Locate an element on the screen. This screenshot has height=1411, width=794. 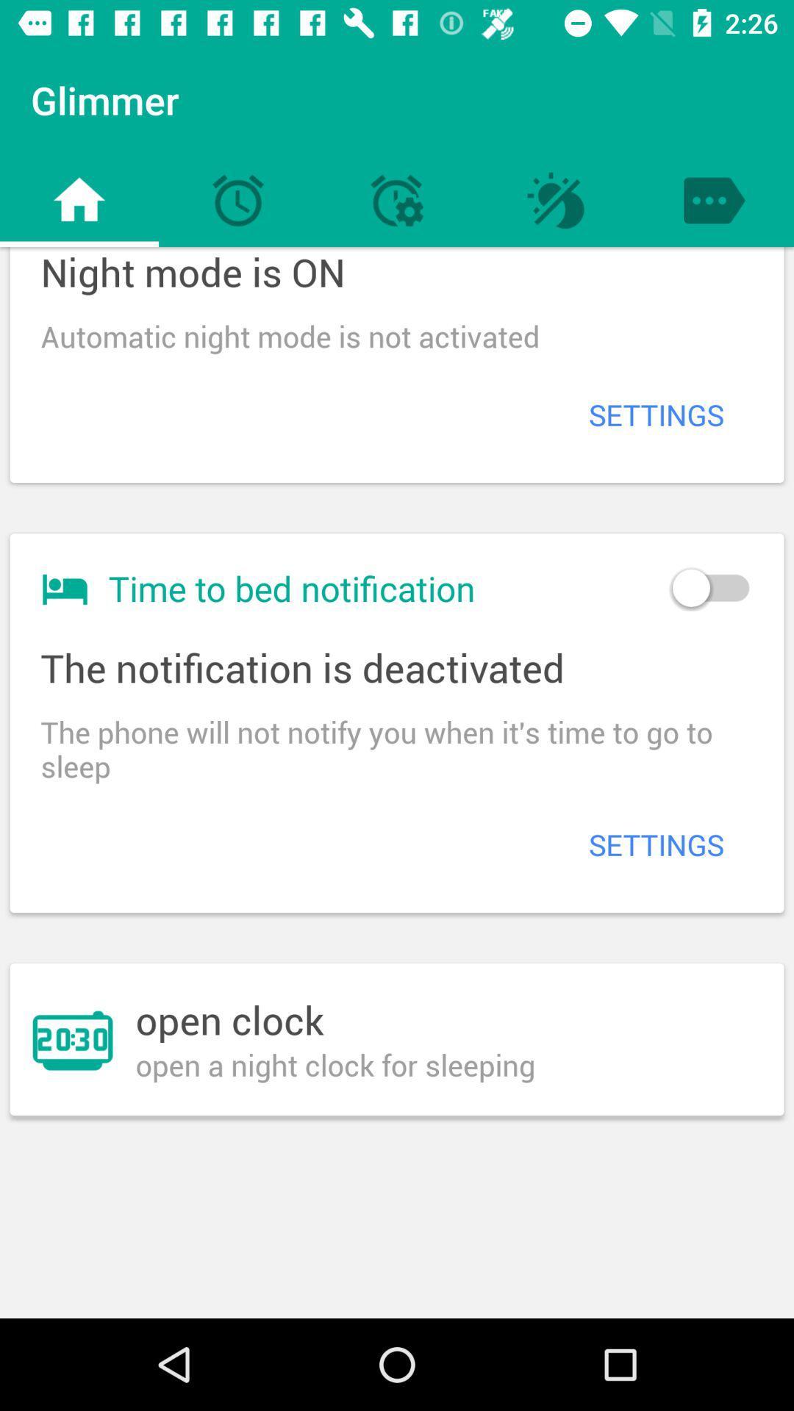
icon to the right of time to bed icon is located at coordinates (709, 588).